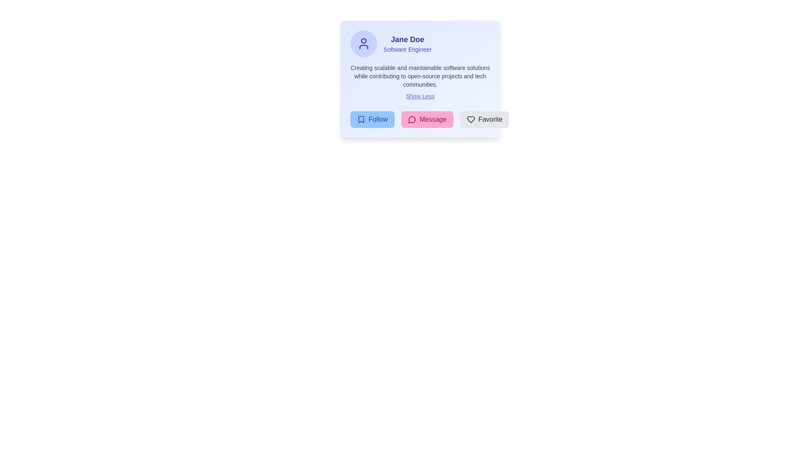 The image size is (801, 450). Describe the element at coordinates (408, 43) in the screenshot. I see `text display component at the top left of the personal profile card, which shows the name 'Jane Doe' in bold and the subtitle 'Software Engineer' below it` at that location.